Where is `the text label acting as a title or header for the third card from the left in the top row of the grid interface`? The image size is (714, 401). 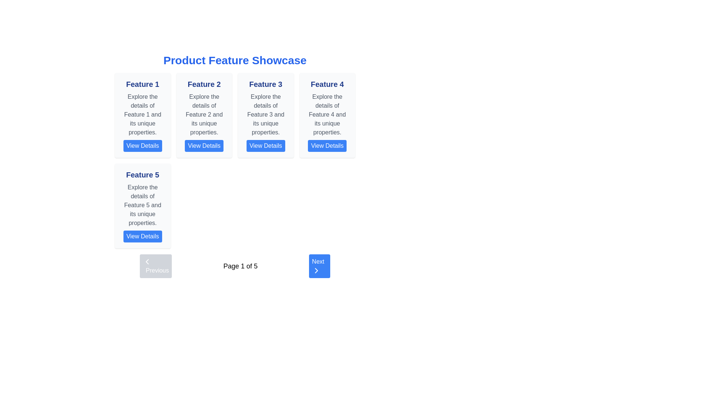
the text label acting as a title or header for the third card from the left in the top row of the grid interface is located at coordinates (266, 84).